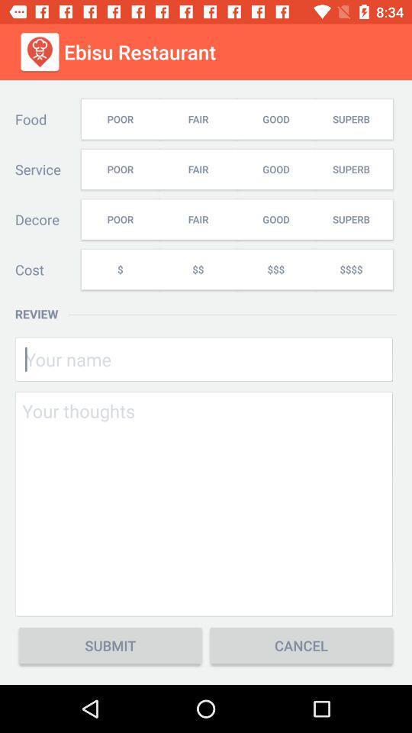 Image resolution: width=412 pixels, height=733 pixels. What do you see at coordinates (275, 270) in the screenshot?
I see `icon below the fair icon` at bounding box center [275, 270].